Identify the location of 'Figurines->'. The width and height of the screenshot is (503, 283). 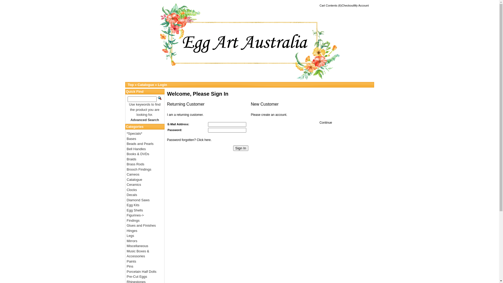
(135, 215).